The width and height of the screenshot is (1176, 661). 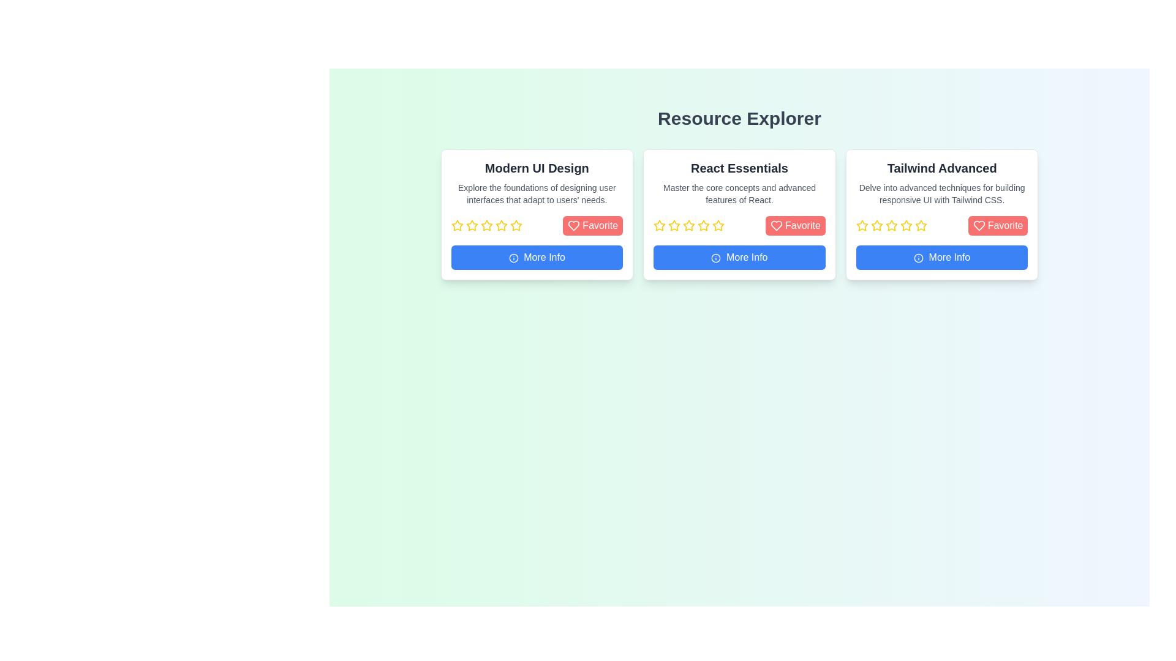 I want to click on the yellow star icon, which is the second star in the rating system under the 'Modern UI Design' card, so click(x=456, y=225).